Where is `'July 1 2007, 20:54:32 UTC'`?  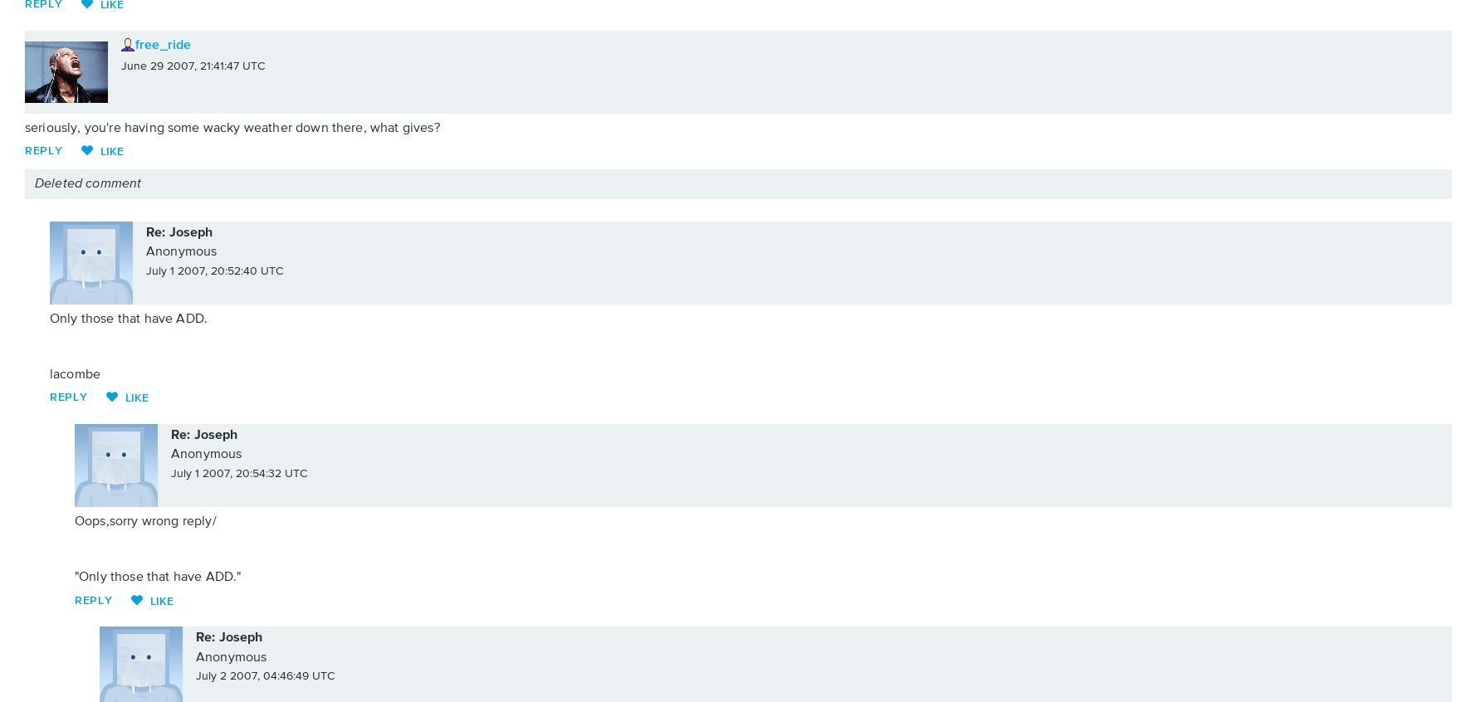
'July 1 2007, 20:54:32 UTC' is located at coordinates (239, 472).